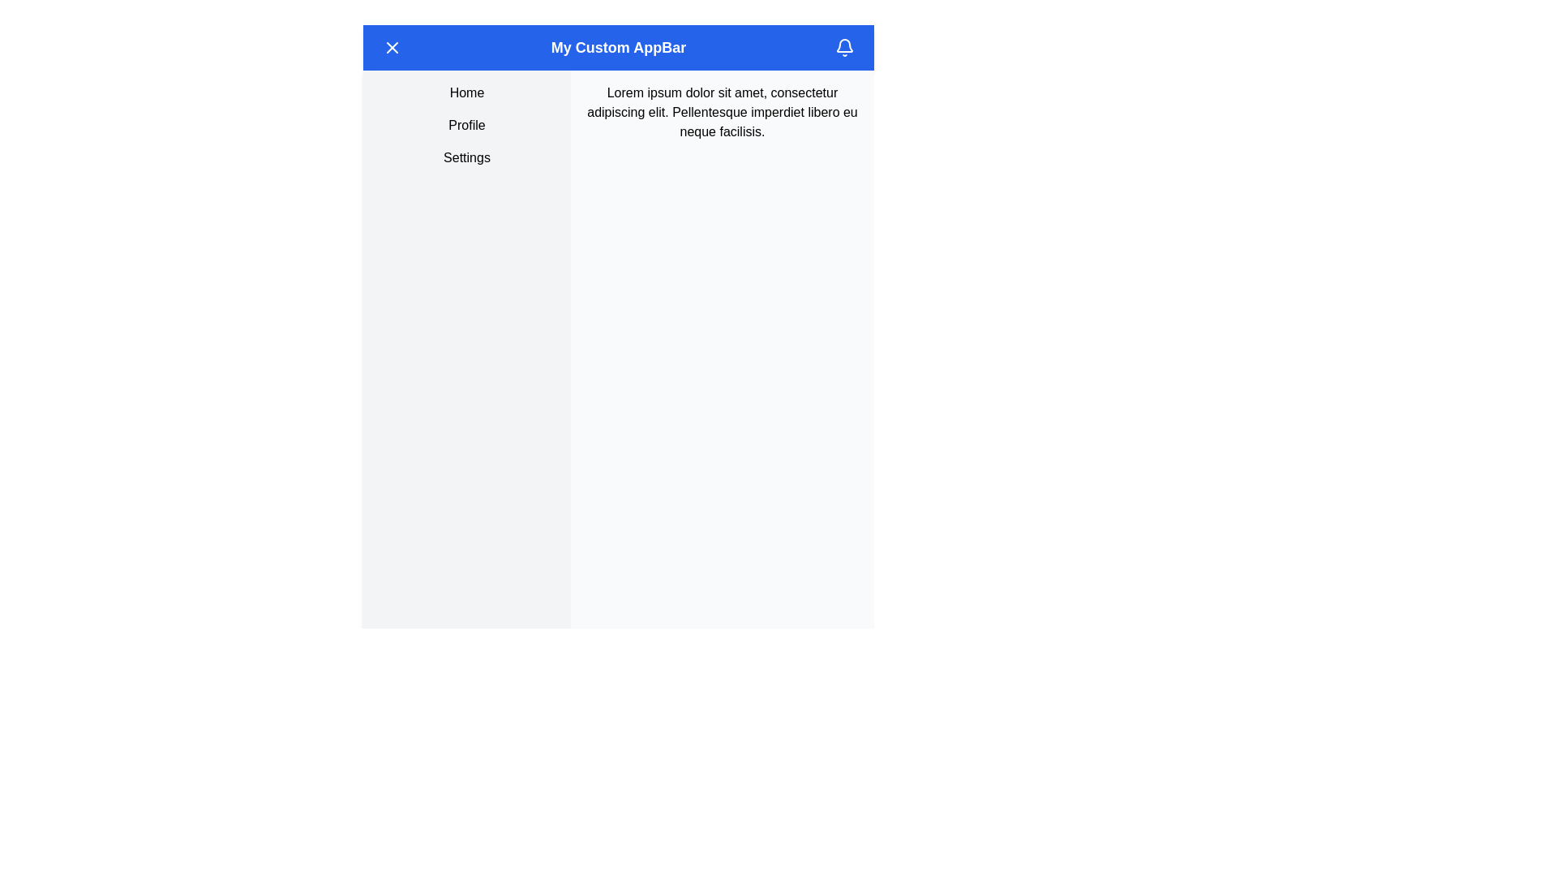 This screenshot has width=1557, height=876. What do you see at coordinates (466, 158) in the screenshot?
I see `the 'Settings' menu item, which is a rectangular button with rounded corners located below the 'Profile' element in the vertical menu` at bounding box center [466, 158].